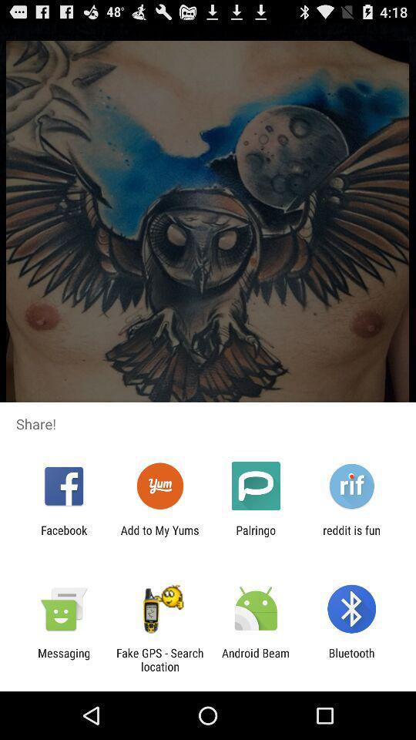 The image size is (416, 740). I want to click on android beam item, so click(256, 659).